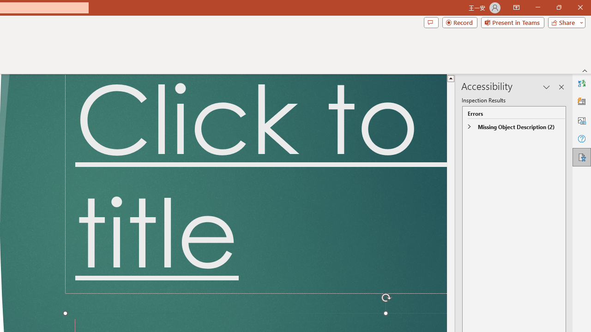 The width and height of the screenshot is (591, 332). I want to click on 'Translator', so click(581, 83).